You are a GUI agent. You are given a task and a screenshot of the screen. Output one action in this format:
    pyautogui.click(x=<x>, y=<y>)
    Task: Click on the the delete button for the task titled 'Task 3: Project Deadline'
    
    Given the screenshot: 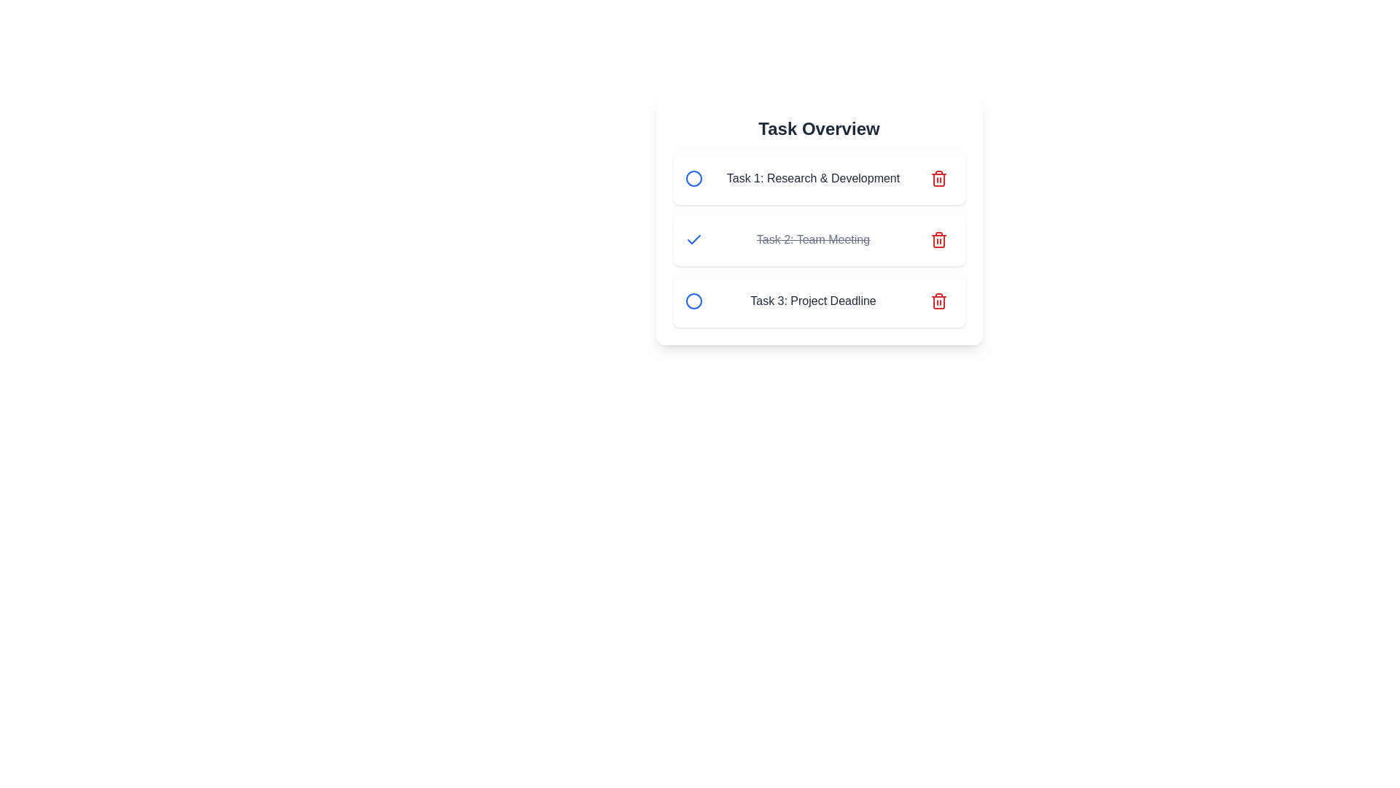 What is the action you would take?
    pyautogui.click(x=938, y=300)
    